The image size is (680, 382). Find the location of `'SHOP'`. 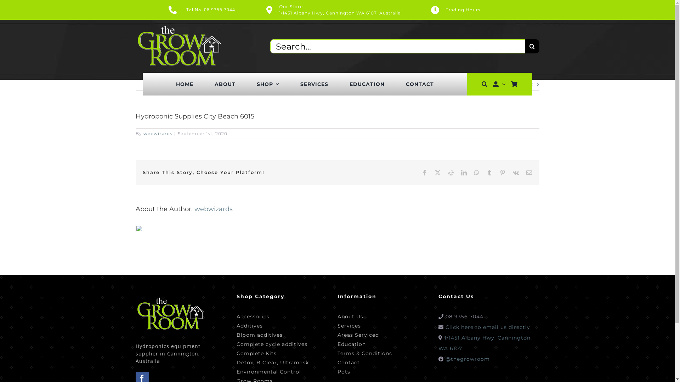

'SHOP' is located at coordinates (267, 84).